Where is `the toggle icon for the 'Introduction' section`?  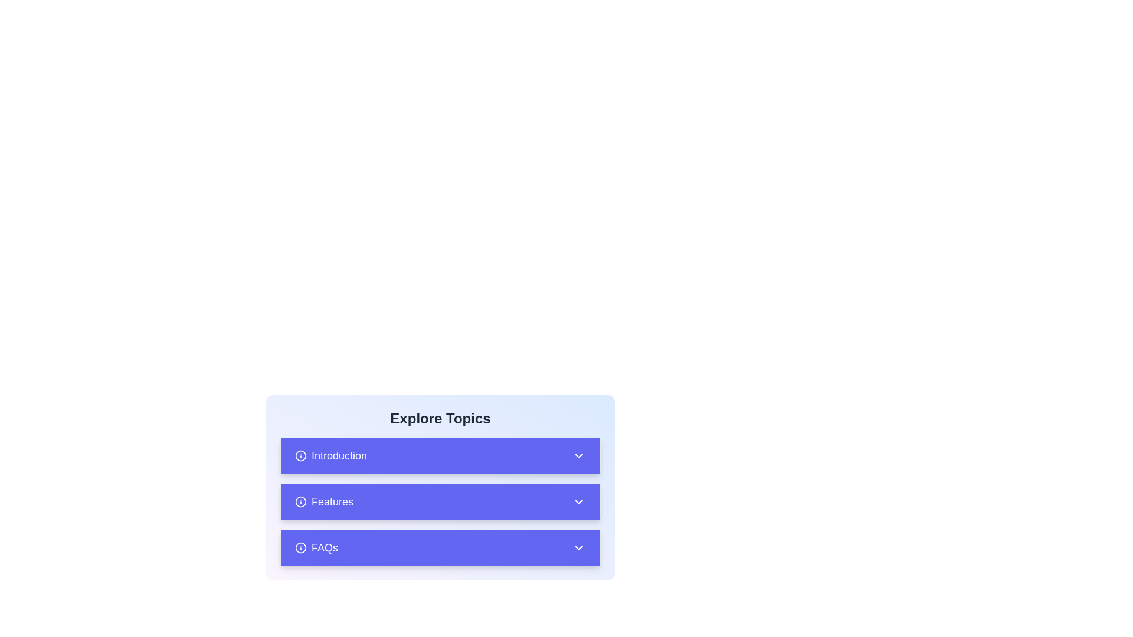
the toggle icon for the 'Introduction' section is located at coordinates (578, 455).